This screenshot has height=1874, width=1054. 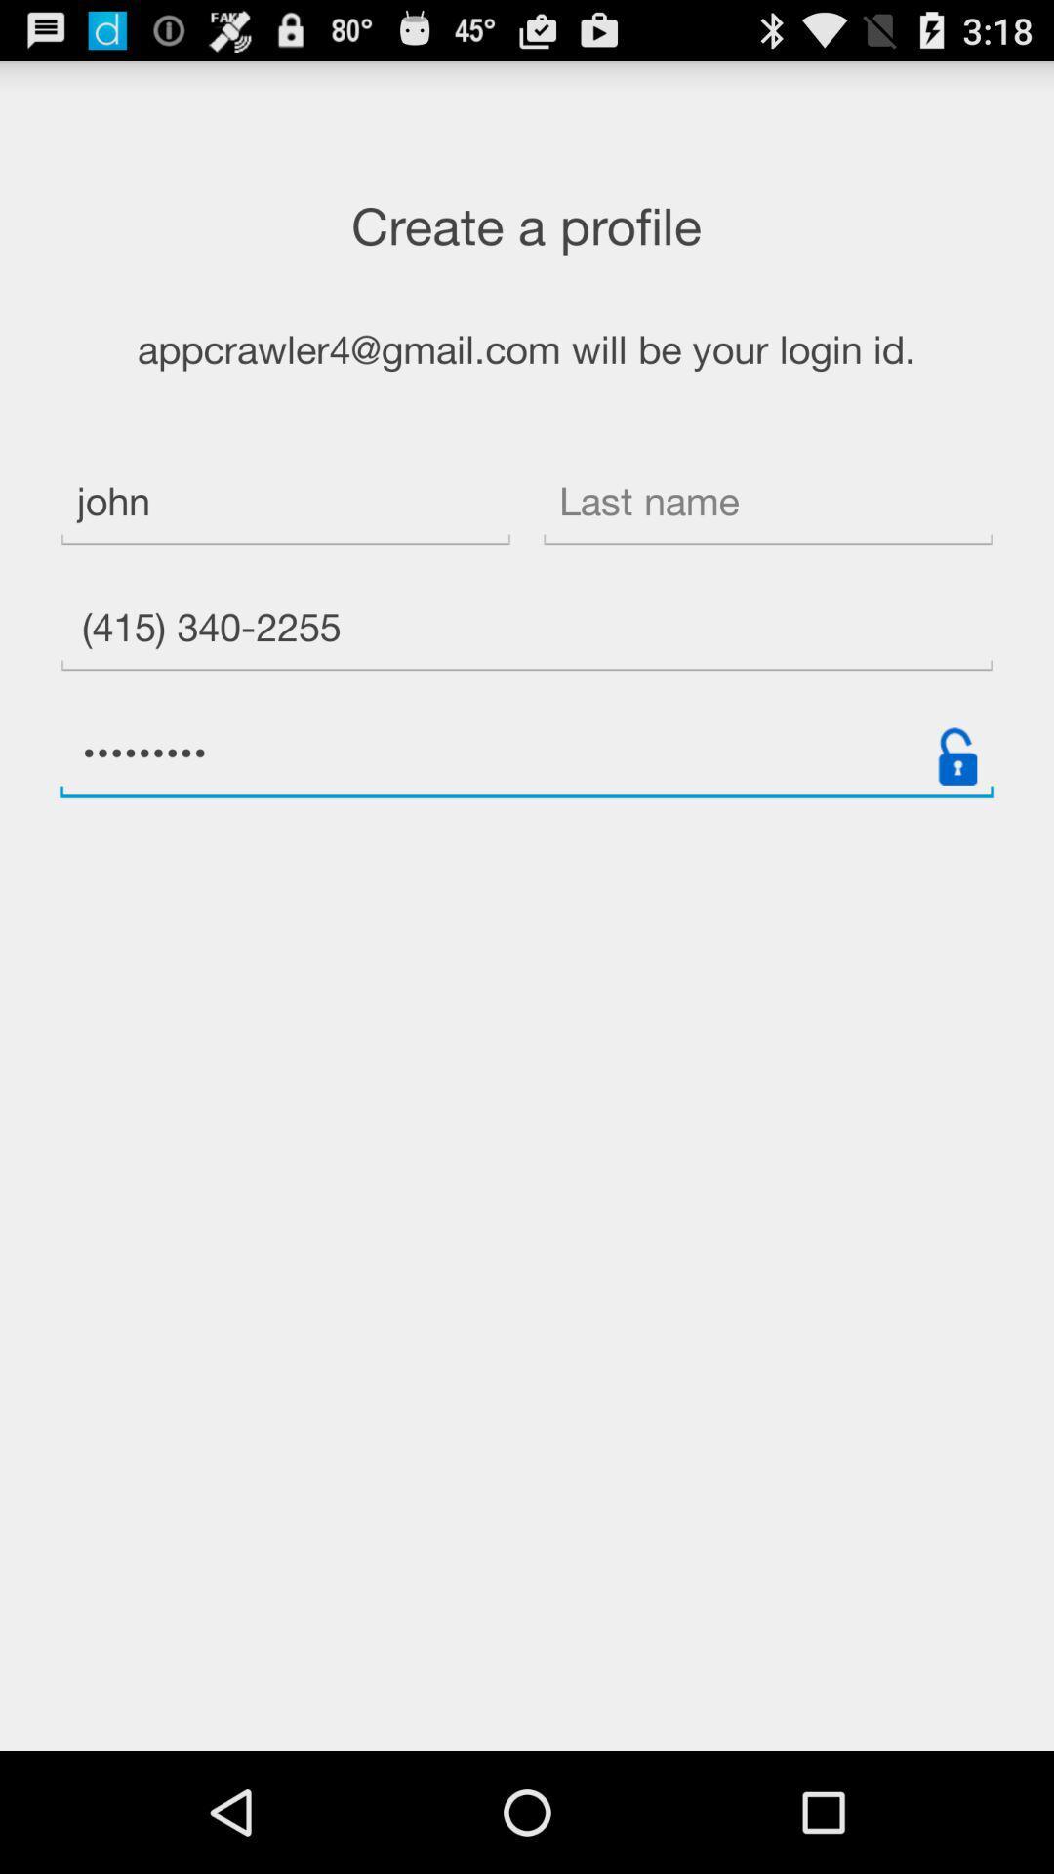 I want to click on crowd3116 item, so click(x=527, y=755).